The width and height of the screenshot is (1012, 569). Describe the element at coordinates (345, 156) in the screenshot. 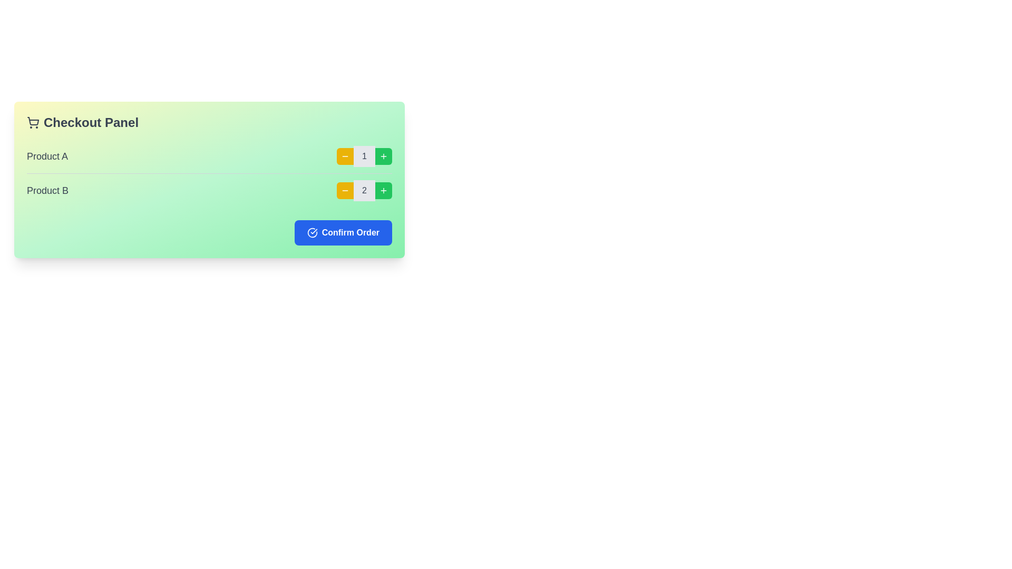

I see `the rectangular button with a yellow background and rounded left corners that contains a centered minus icon, located to the left of the numeric display '1' for 'Product A', to decrease the product count` at that location.